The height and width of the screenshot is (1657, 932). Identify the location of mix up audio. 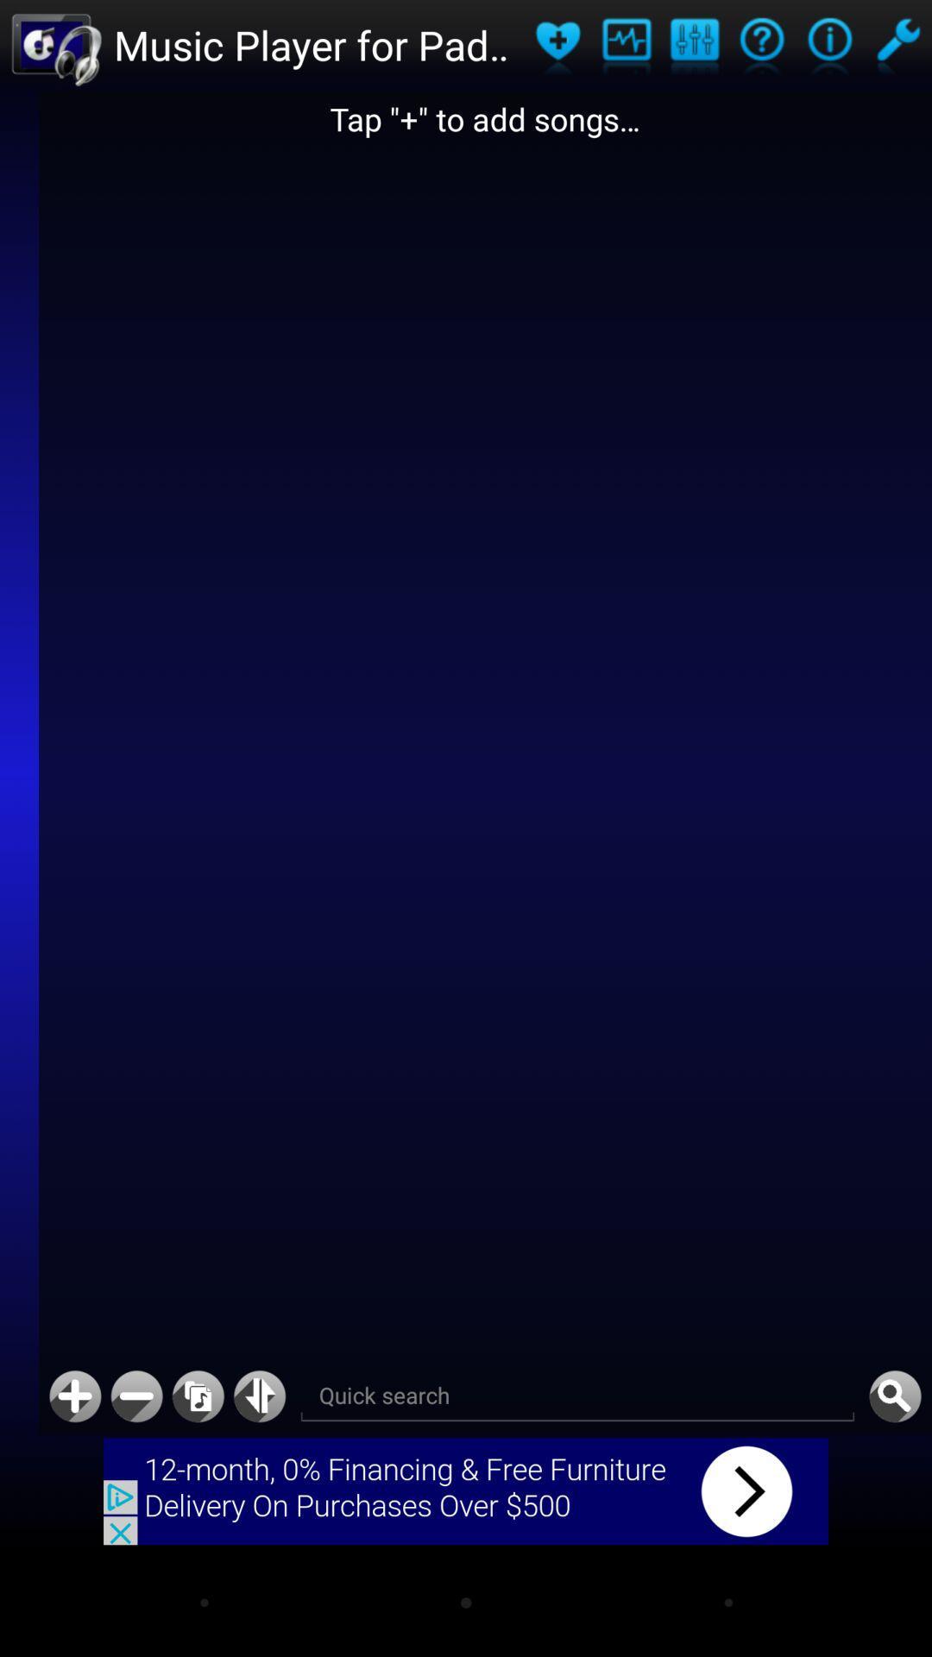
(693, 45).